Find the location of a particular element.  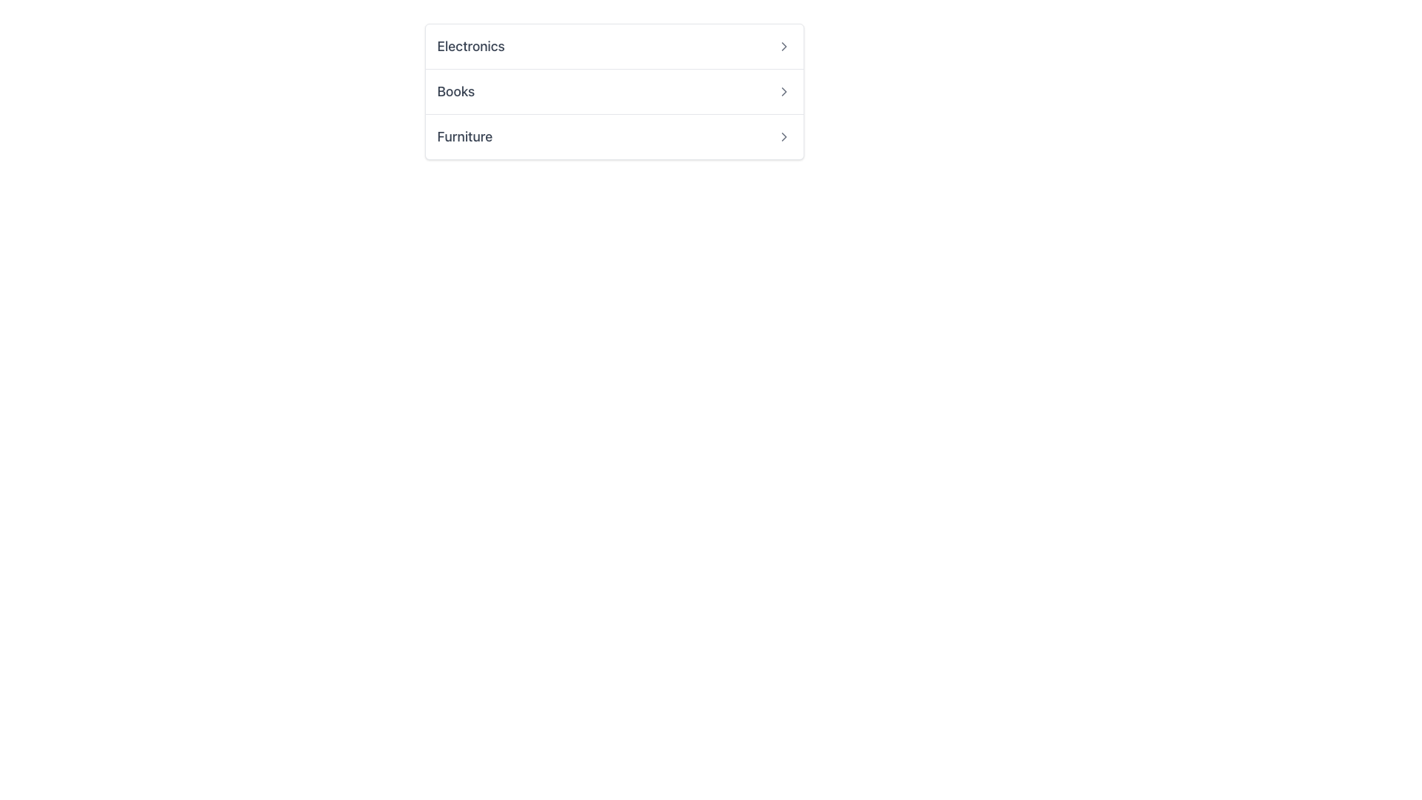

the chevron icon located on the right edge of the 'Electronics' row is located at coordinates (783, 45).